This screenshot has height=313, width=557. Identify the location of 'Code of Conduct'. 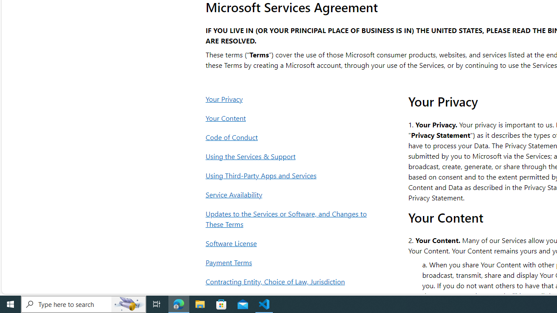
(289, 137).